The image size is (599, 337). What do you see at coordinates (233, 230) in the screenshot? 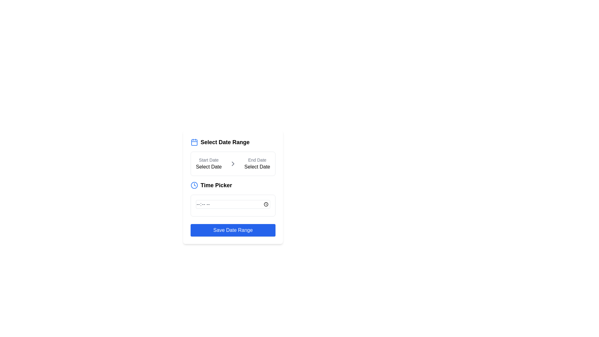
I see `the 'Save Date Range' button` at bounding box center [233, 230].